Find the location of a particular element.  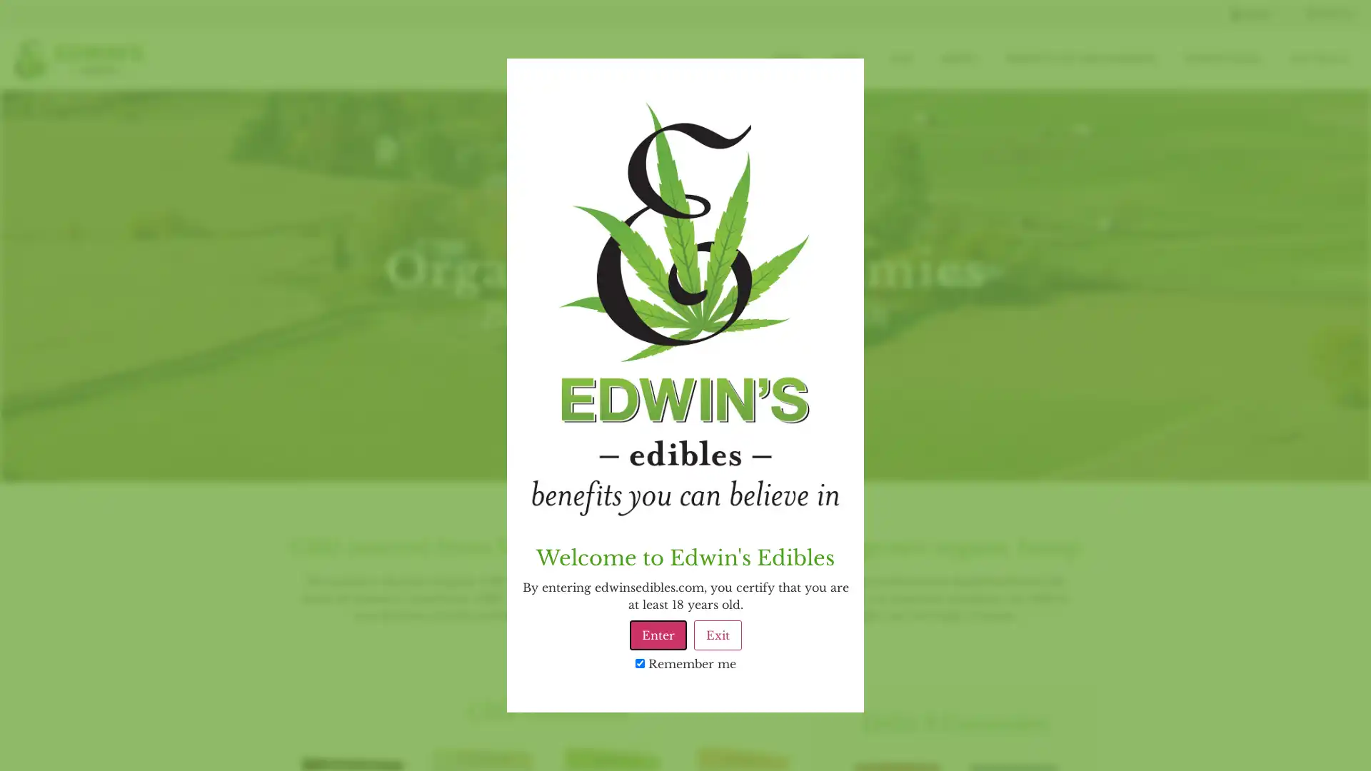

Enter is located at coordinates (657, 635).